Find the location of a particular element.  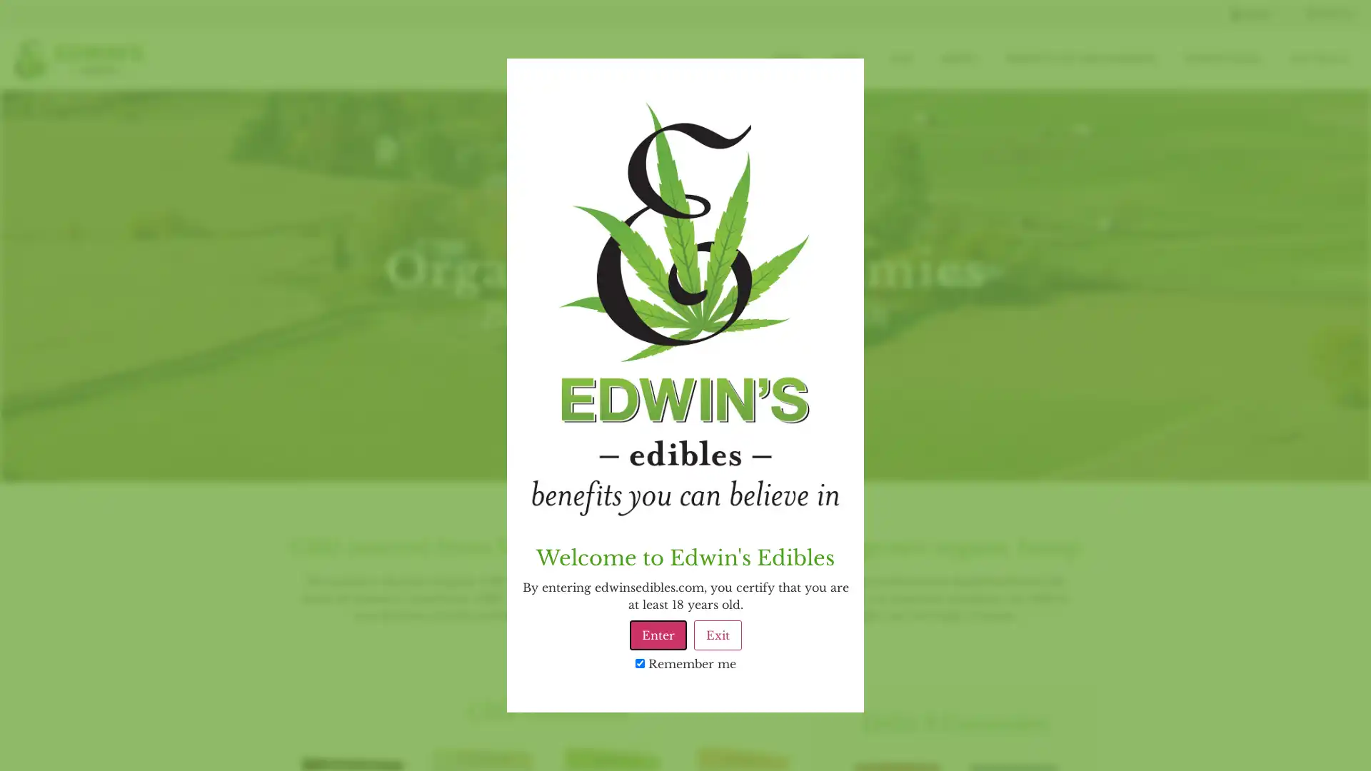

Enter is located at coordinates (657, 635).